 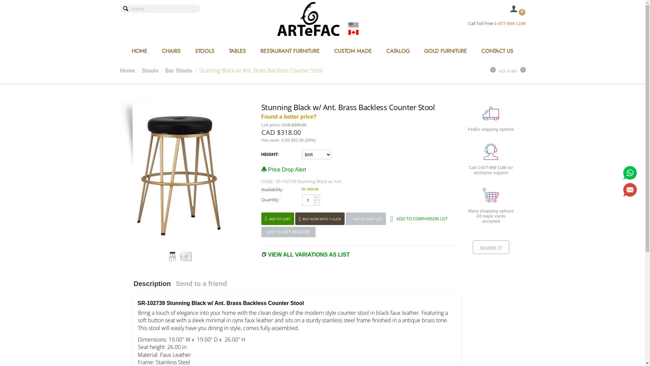 What do you see at coordinates (317, 197) in the screenshot?
I see `'+'` at bounding box center [317, 197].